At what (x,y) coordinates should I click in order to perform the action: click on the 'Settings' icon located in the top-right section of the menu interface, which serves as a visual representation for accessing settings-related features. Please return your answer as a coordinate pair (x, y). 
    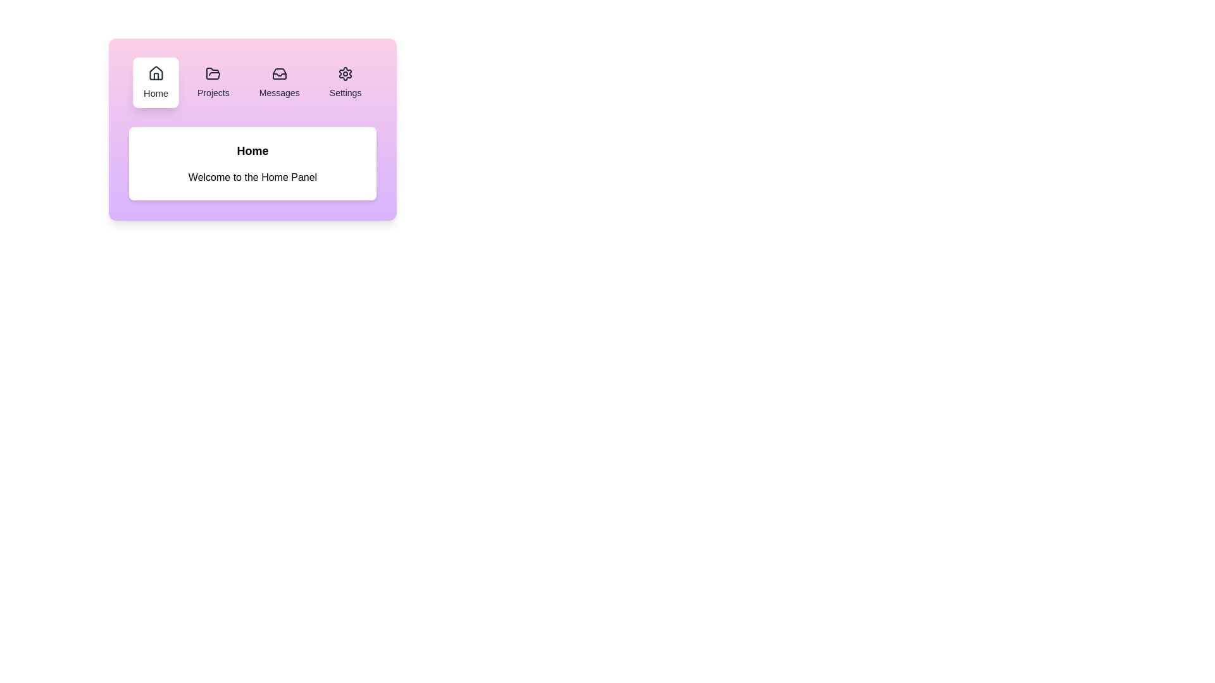
    Looking at the image, I should click on (346, 73).